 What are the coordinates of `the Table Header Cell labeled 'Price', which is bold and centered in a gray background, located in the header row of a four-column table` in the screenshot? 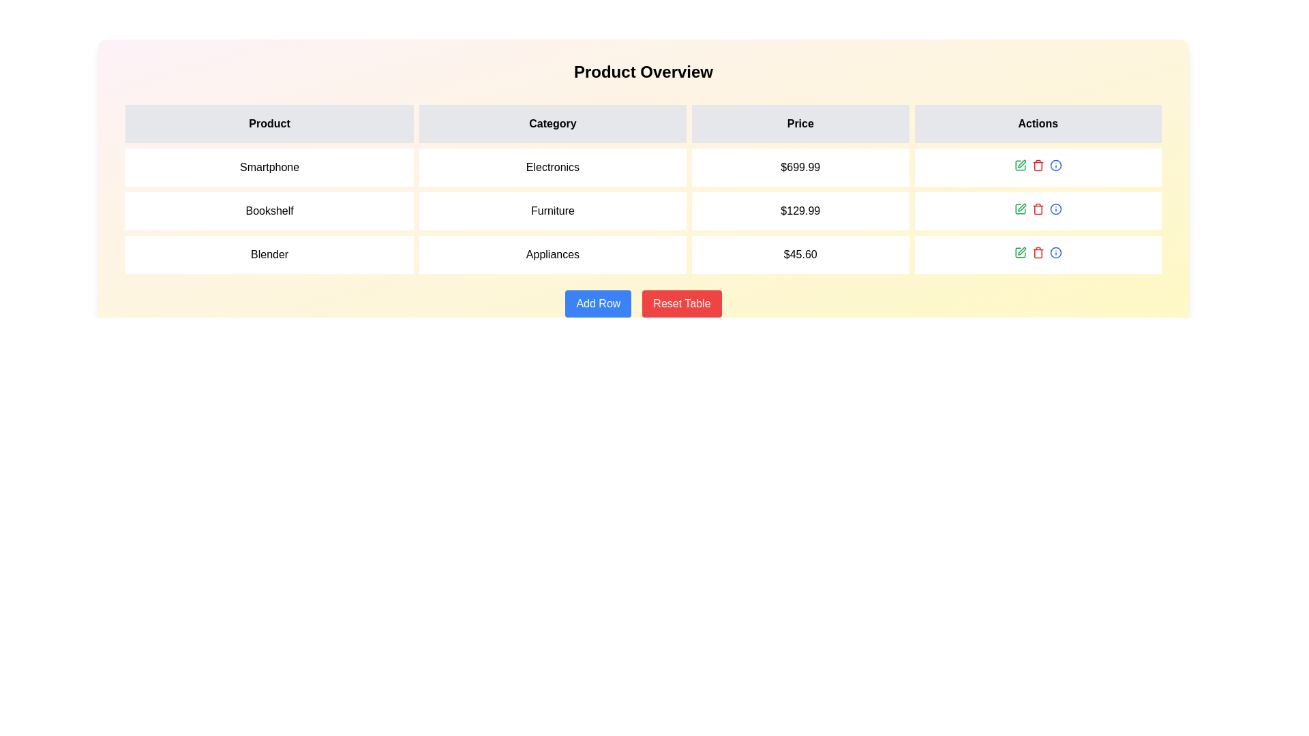 It's located at (800, 123).